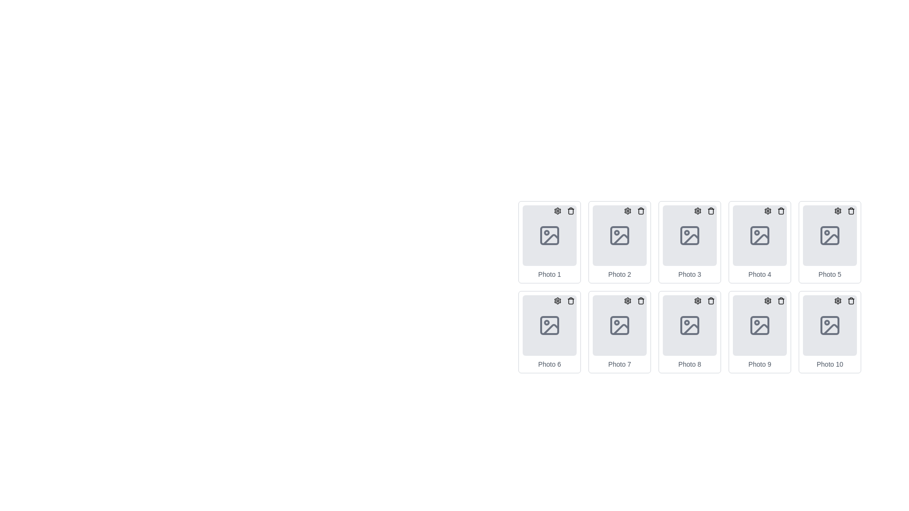 Image resolution: width=909 pixels, height=511 pixels. What do you see at coordinates (550, 274) in the screenshot?
I see `text label that displays 'Photo 1', which is styled in gray color and positioned below an image placeholder in the top-left card of the grid layout` at bounding box center [550, 274].